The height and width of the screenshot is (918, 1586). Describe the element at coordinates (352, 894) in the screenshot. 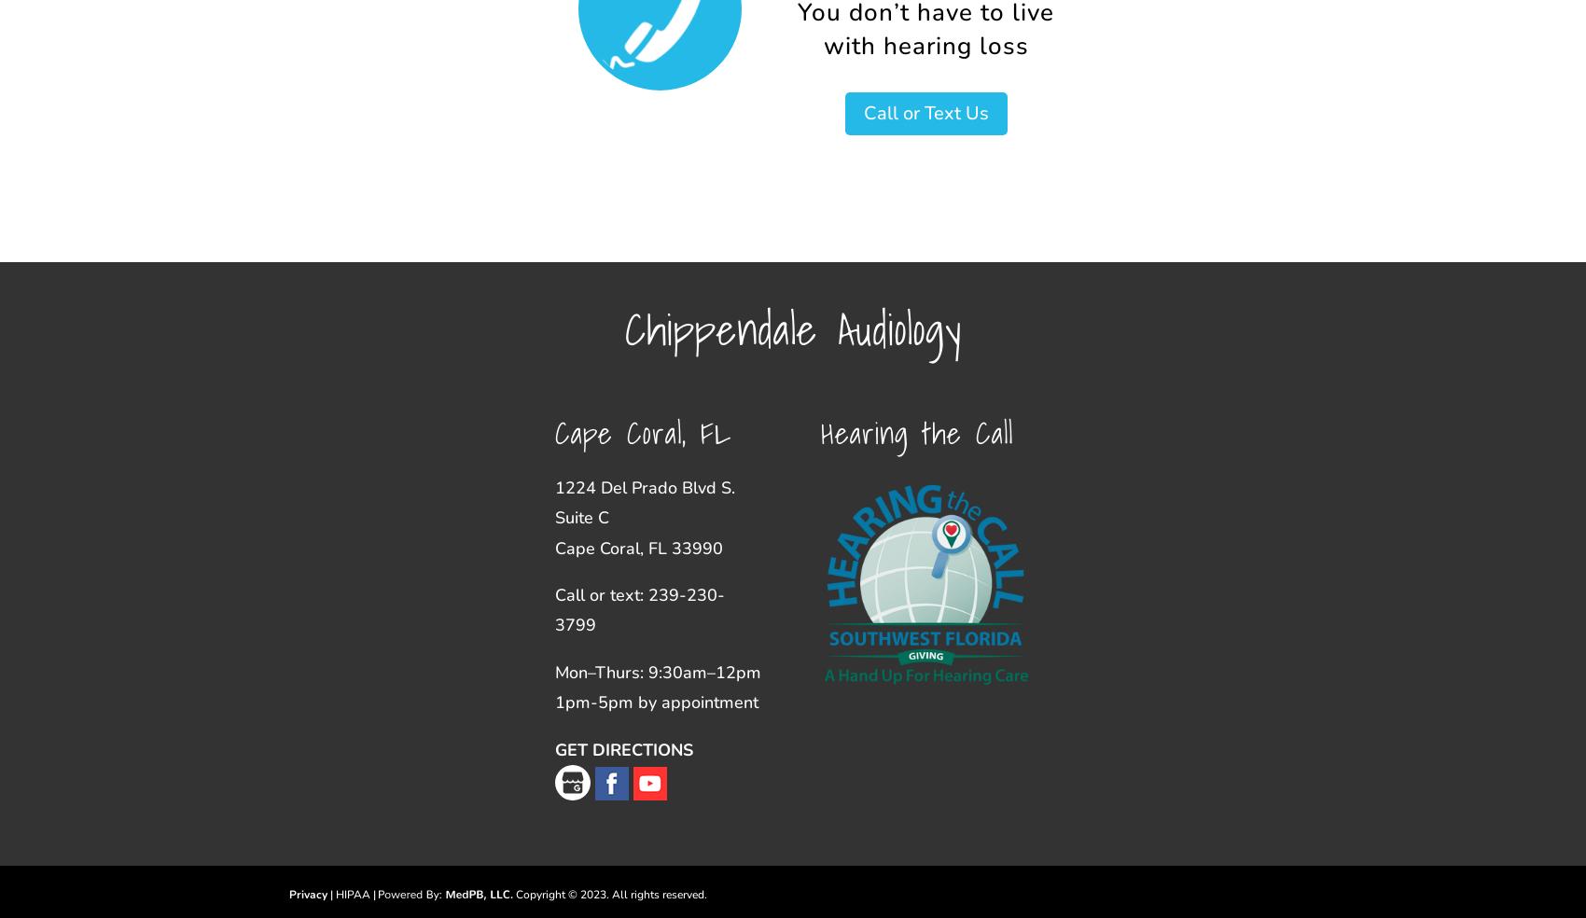

I see `'| HIPAA |'` at that location.